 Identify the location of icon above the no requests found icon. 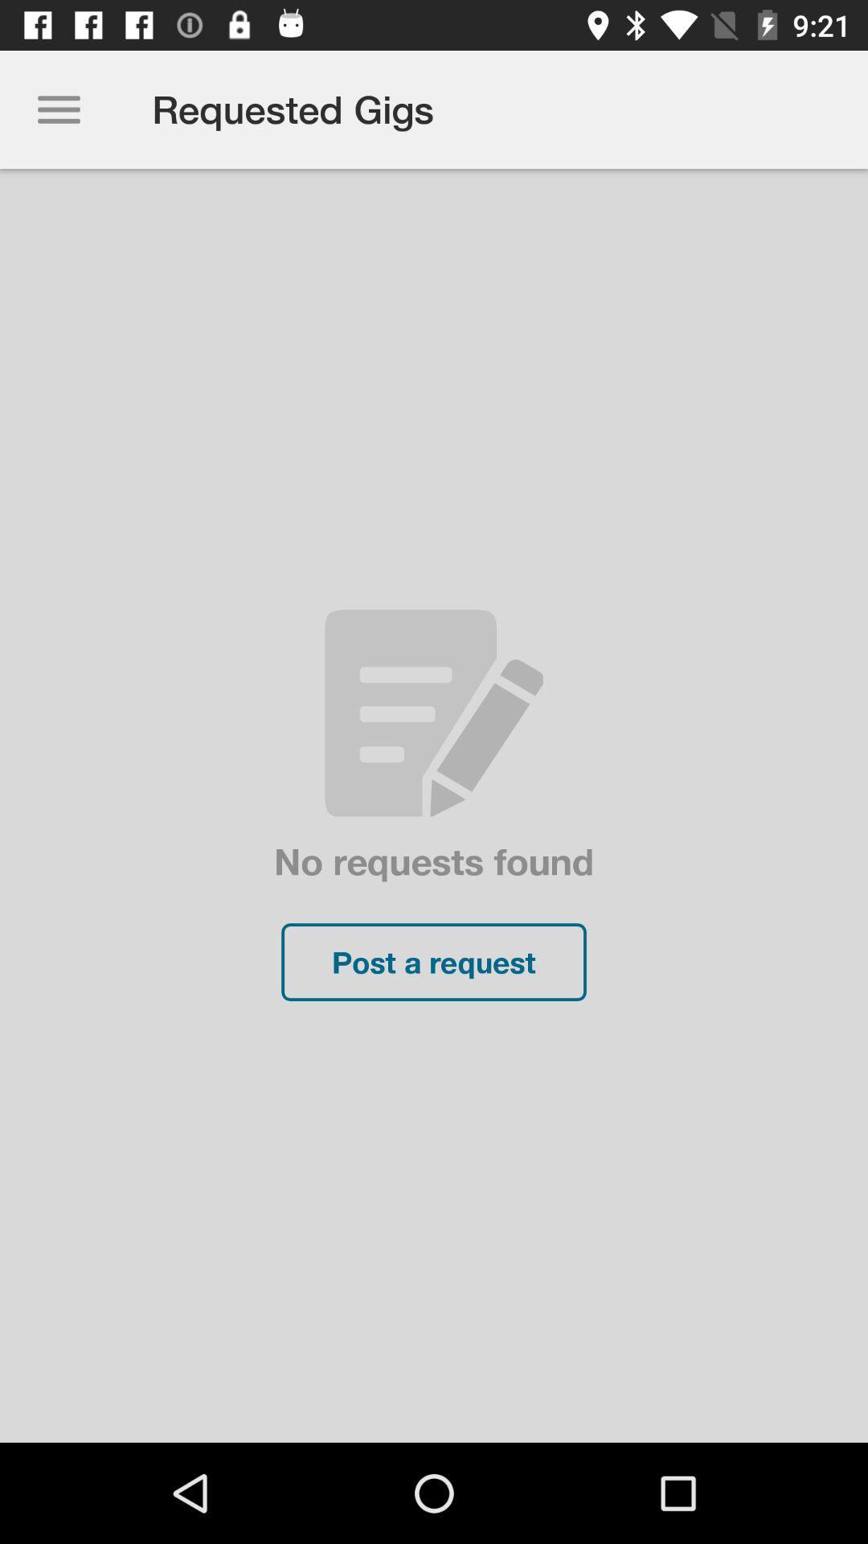
(58, 109).